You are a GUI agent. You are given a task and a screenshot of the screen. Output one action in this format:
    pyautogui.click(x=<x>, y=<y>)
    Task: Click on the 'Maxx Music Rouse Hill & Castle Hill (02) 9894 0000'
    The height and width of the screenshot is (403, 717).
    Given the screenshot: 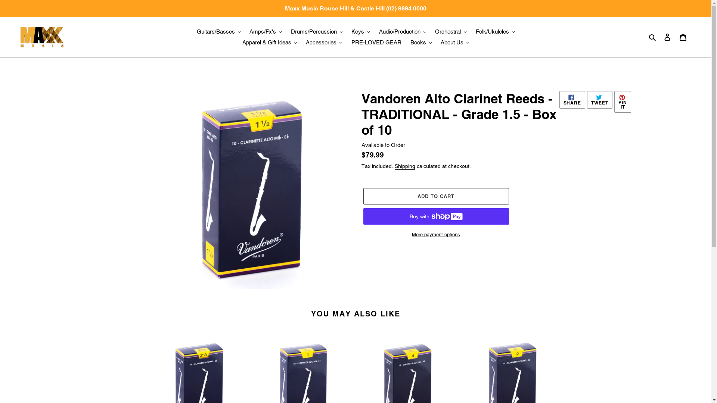 What is the action you would take?
    pyautogui.click(x=0, y=9)
    